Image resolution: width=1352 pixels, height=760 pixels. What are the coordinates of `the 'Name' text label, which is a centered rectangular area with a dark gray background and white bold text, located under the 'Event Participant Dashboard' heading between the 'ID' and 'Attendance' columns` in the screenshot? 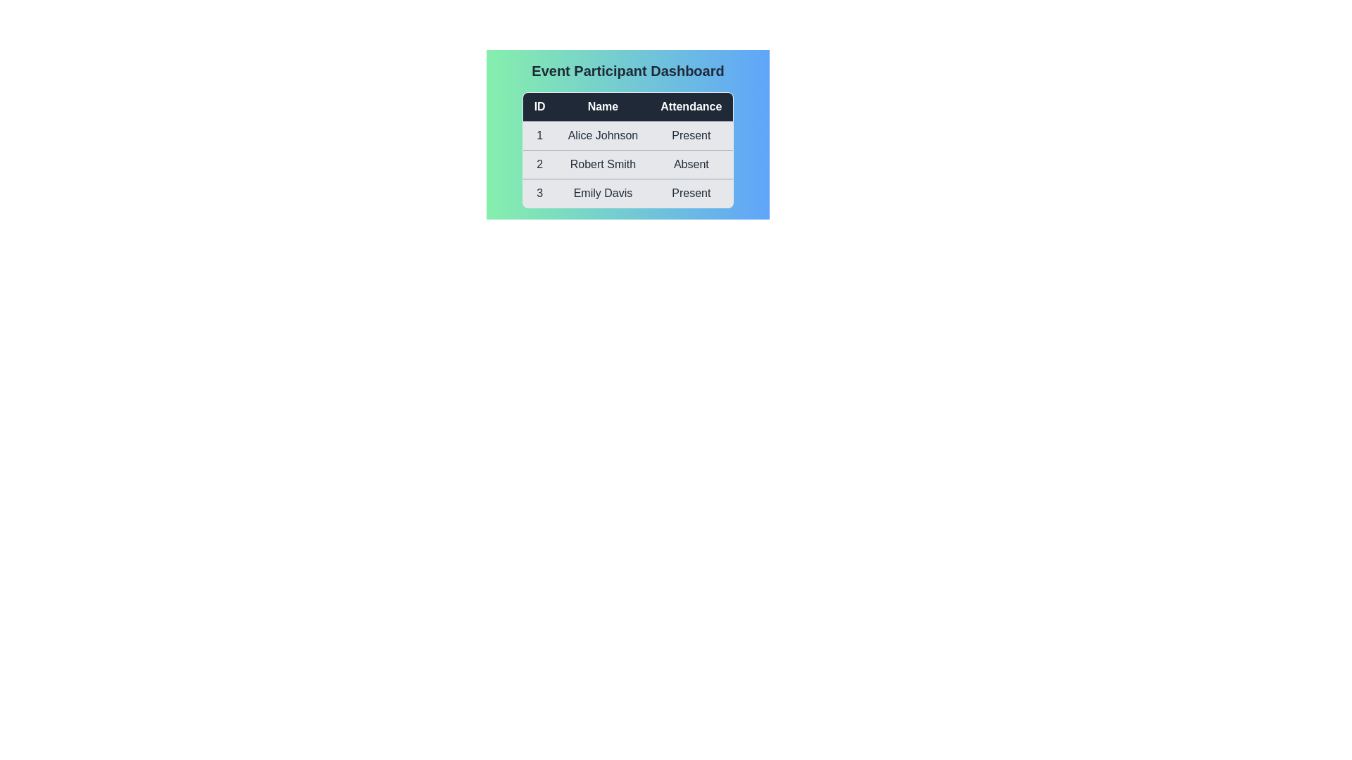 It's located at (603, 106).